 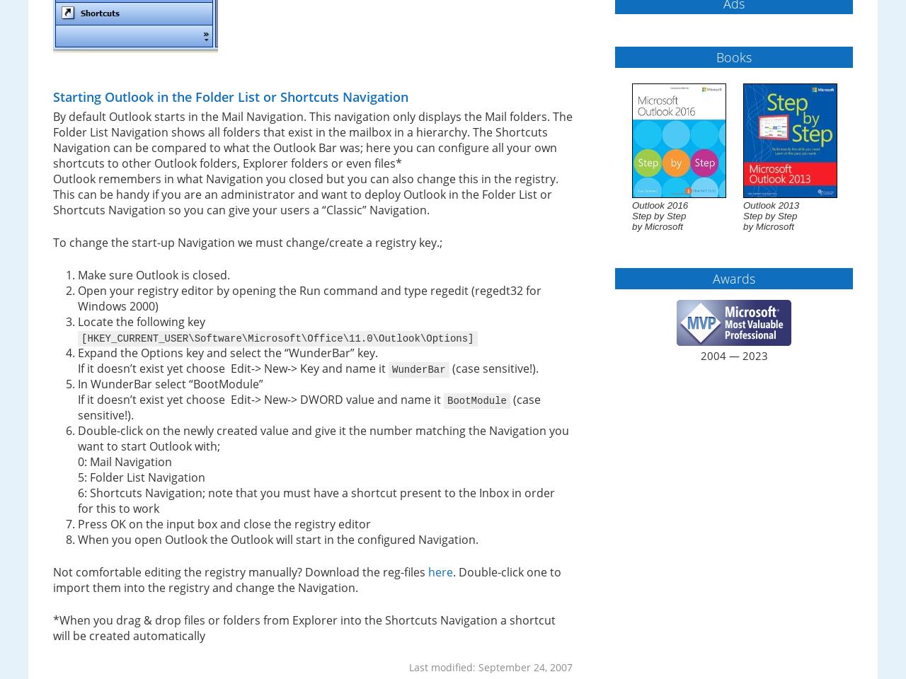 What do you see at coordinates (315, 501) in the screenshot?
I see `'6: Shortcuts Navigation; note that you must have a shortcut present to the Inbox in order for this to work'` at bounding box center [315, 501].